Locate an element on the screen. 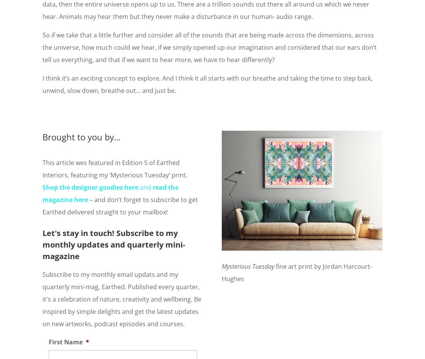 The width and height of the screenshot is (425, 359). 'Mysterious Tuesday' is located at coordinates (249, 265).